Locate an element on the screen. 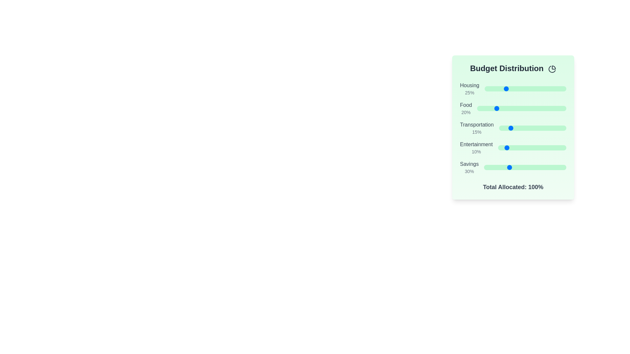 The width and height of the screenshot is (630, 354). the slider for 'Entertainment' to set its percentage to 38 is located at coordinates (523, 148).